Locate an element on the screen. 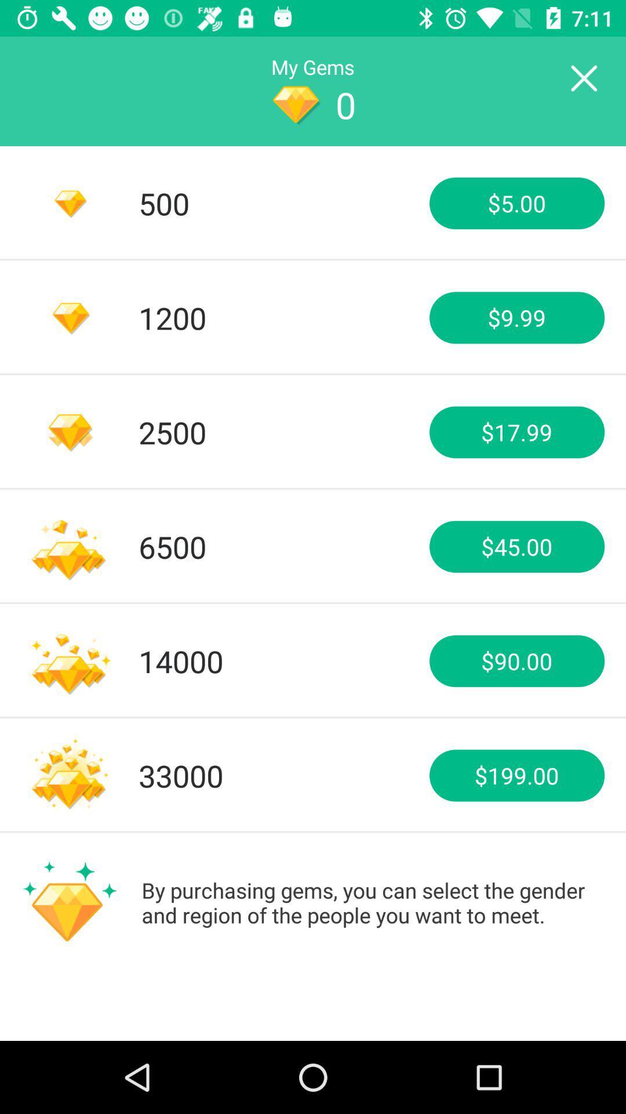 This screenshot has width=626, height=1114. back is located at coordinates (583, 78).